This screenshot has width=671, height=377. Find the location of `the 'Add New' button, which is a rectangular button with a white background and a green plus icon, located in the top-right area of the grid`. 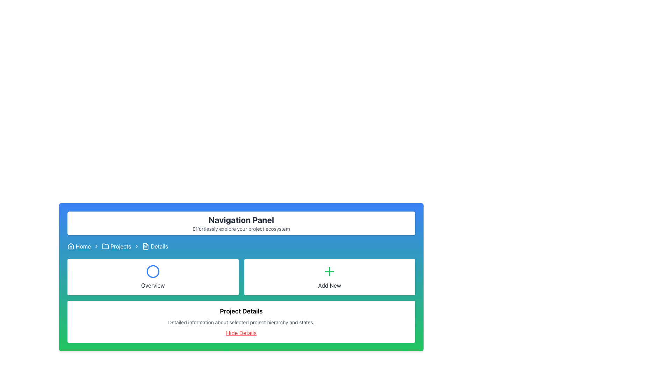

the 'Add New' button, which is a rectangular button with a white background and a green plus icon, located in the top-right area of the grid is located at coordinates (329, 277).